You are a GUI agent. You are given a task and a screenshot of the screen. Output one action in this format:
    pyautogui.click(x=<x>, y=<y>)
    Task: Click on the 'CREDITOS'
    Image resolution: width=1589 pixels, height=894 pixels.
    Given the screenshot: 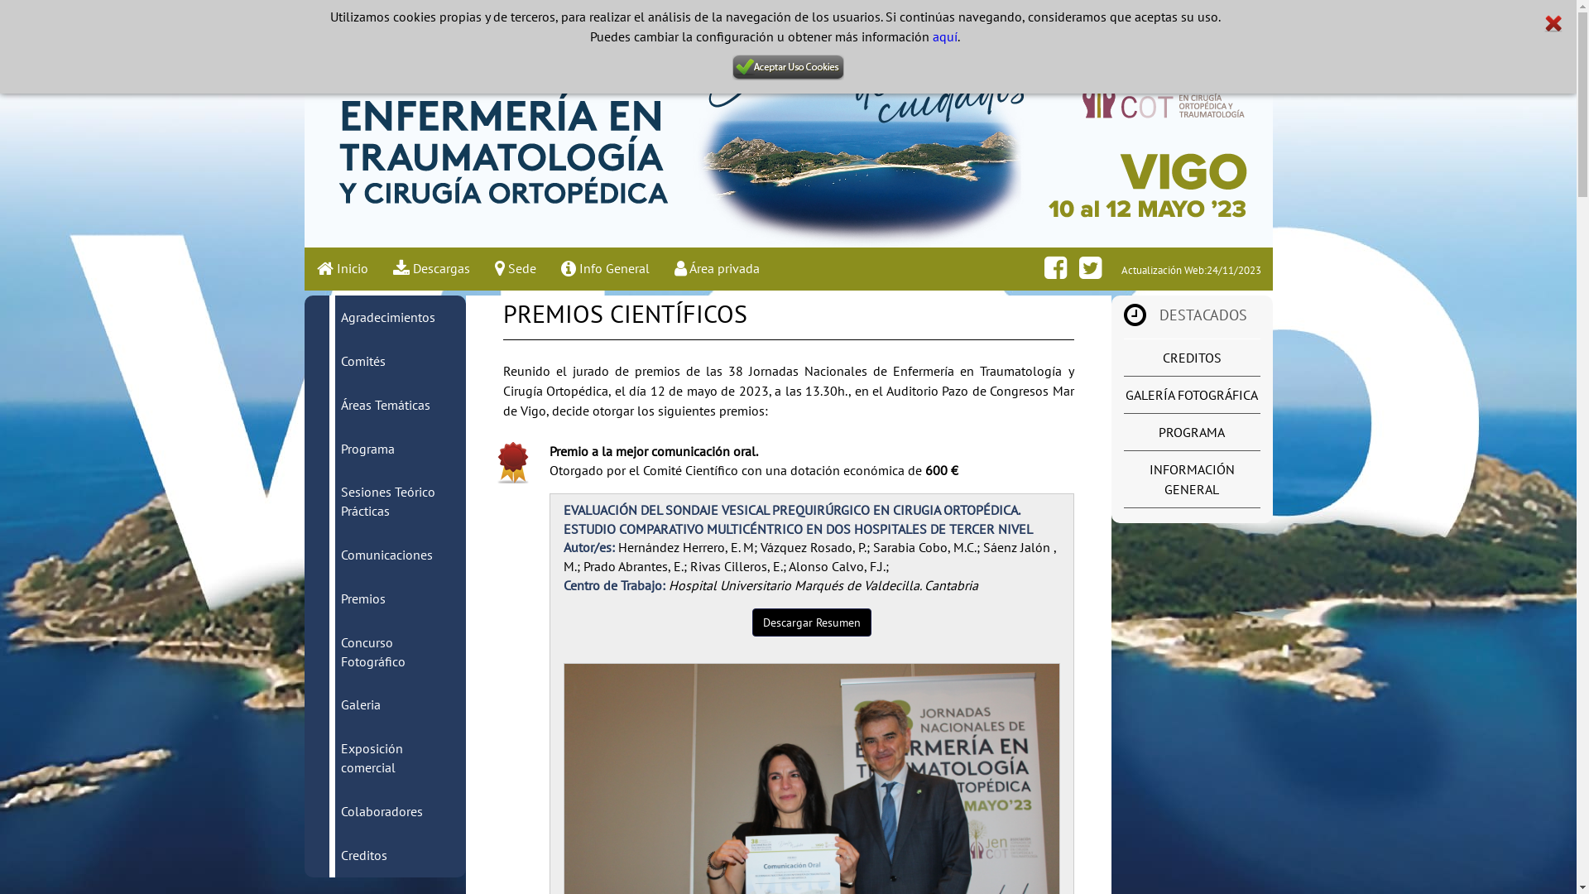 What is the action you would take?
    pyautogui.click(x=1190, y=357)
    